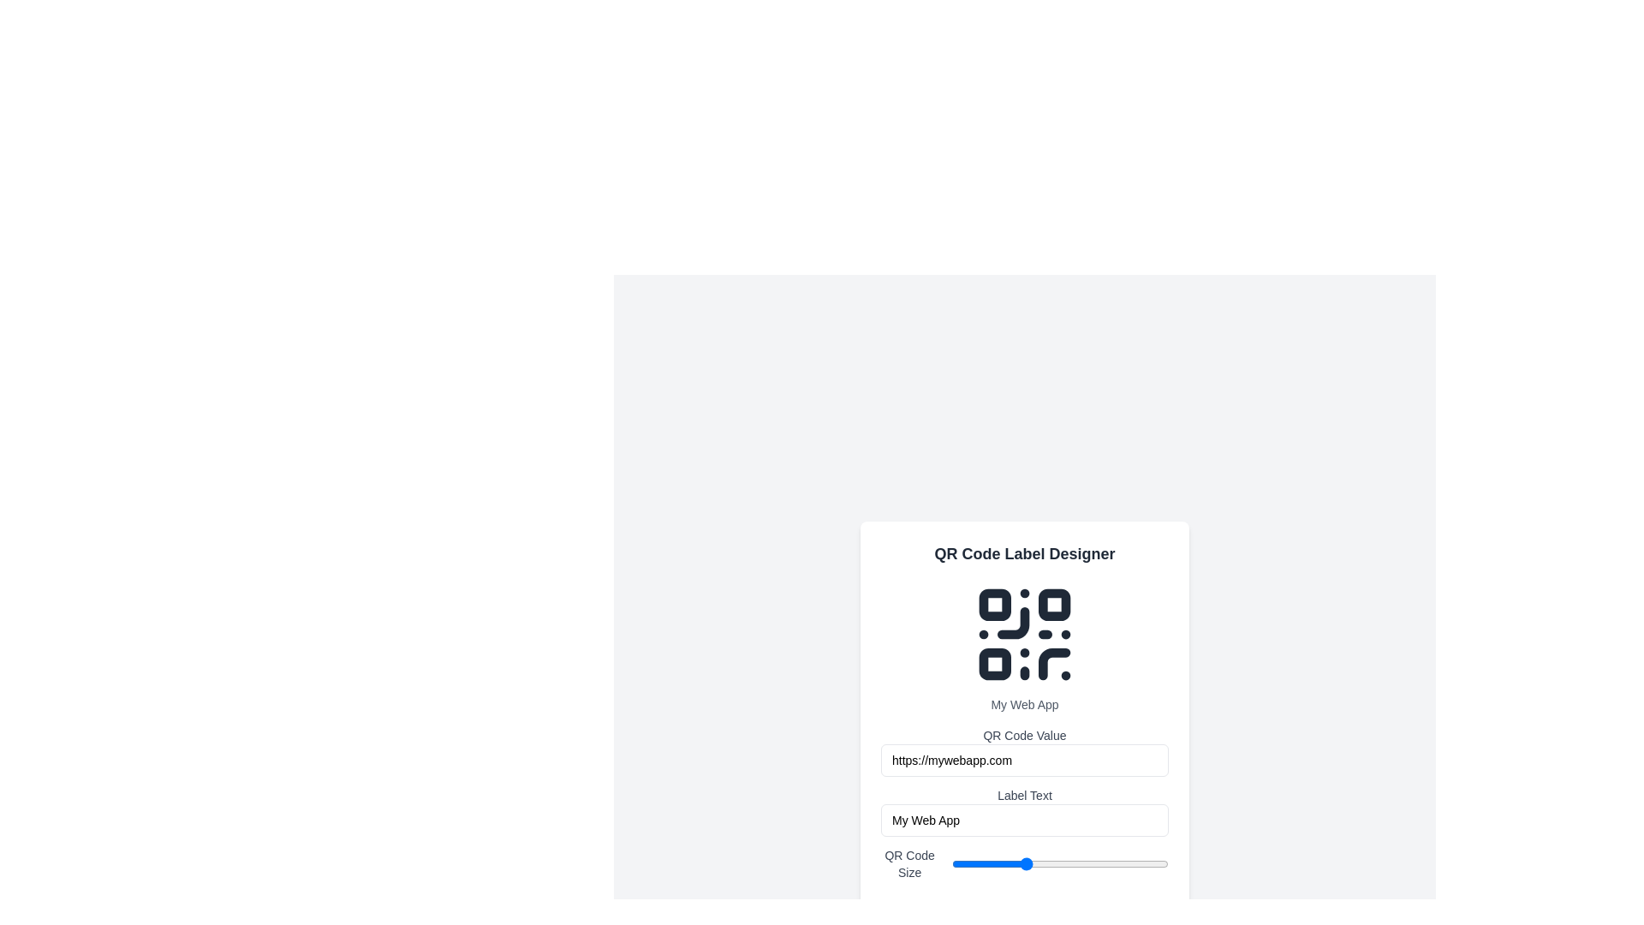  What do you see at coordinates (1007, 864) in the screenshot?
I see `the QR code size` at bounding box center [1007, 864].